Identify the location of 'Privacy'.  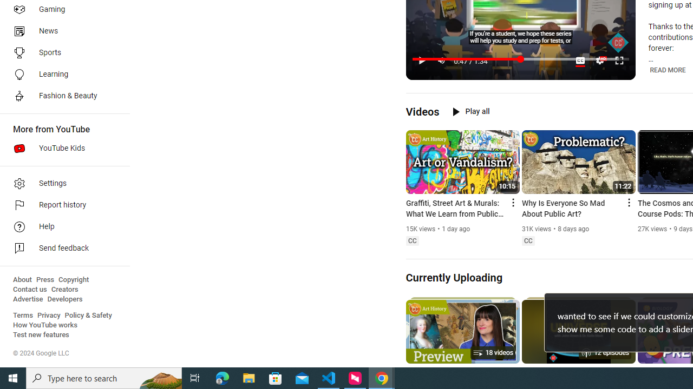
(48, 316).